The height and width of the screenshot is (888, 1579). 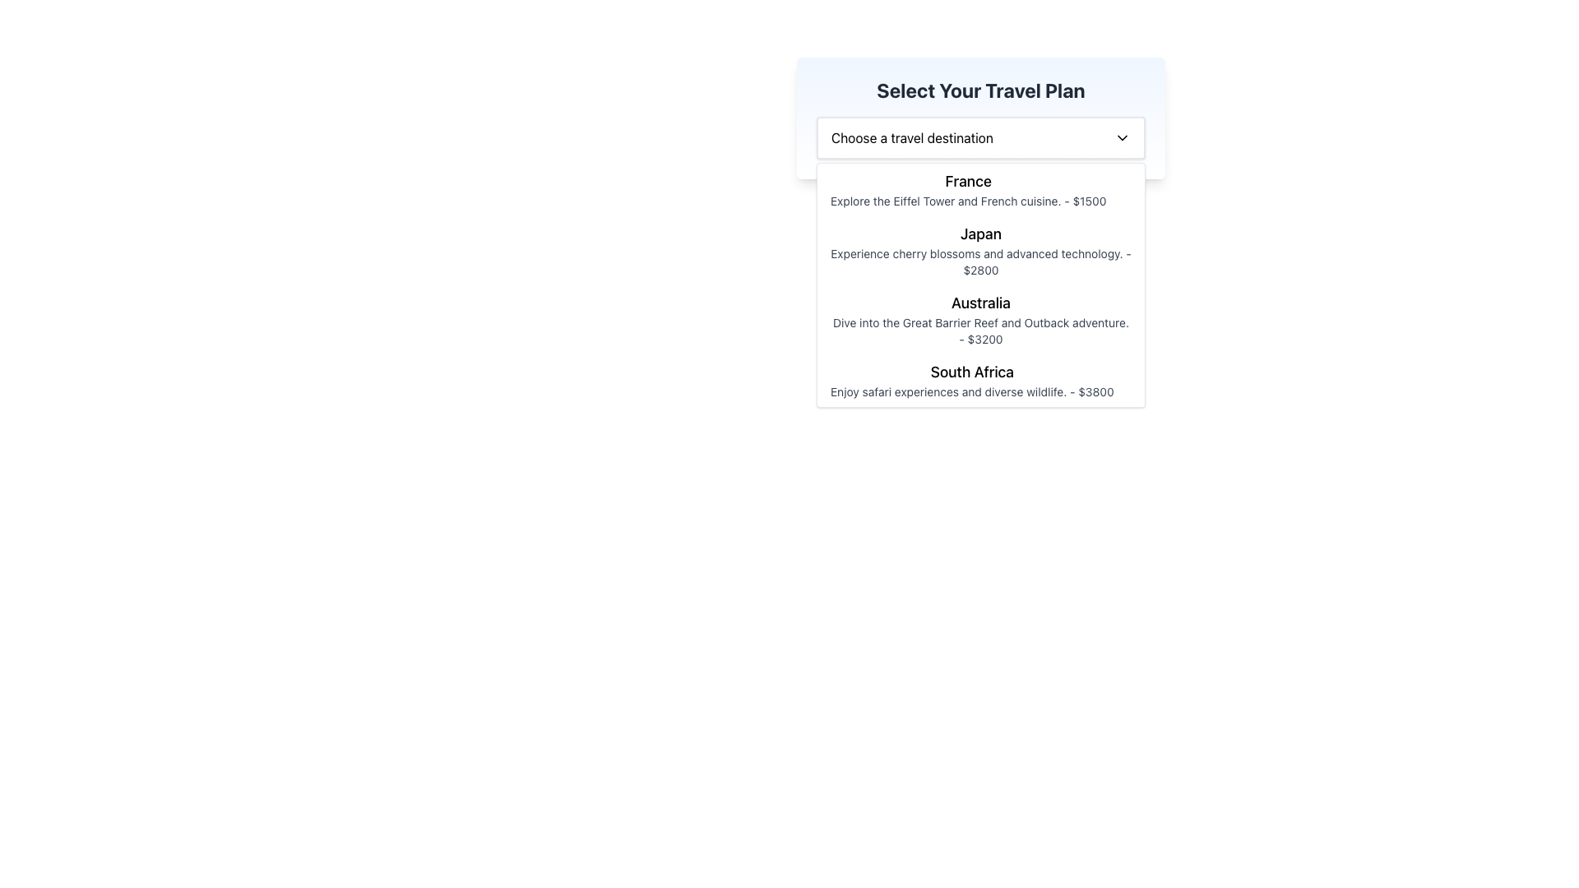 I want to click on the dropdown menu of the travel plan selector, so click(x=981, y=117).